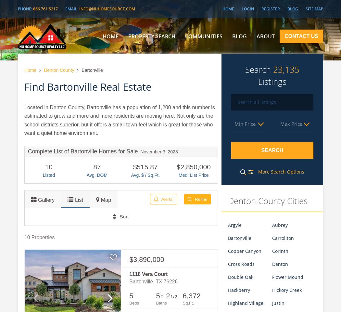 Image resolution: width=341 pixels, height=312 pixels. I want to click on 'Alerts!', so click(167, 199).